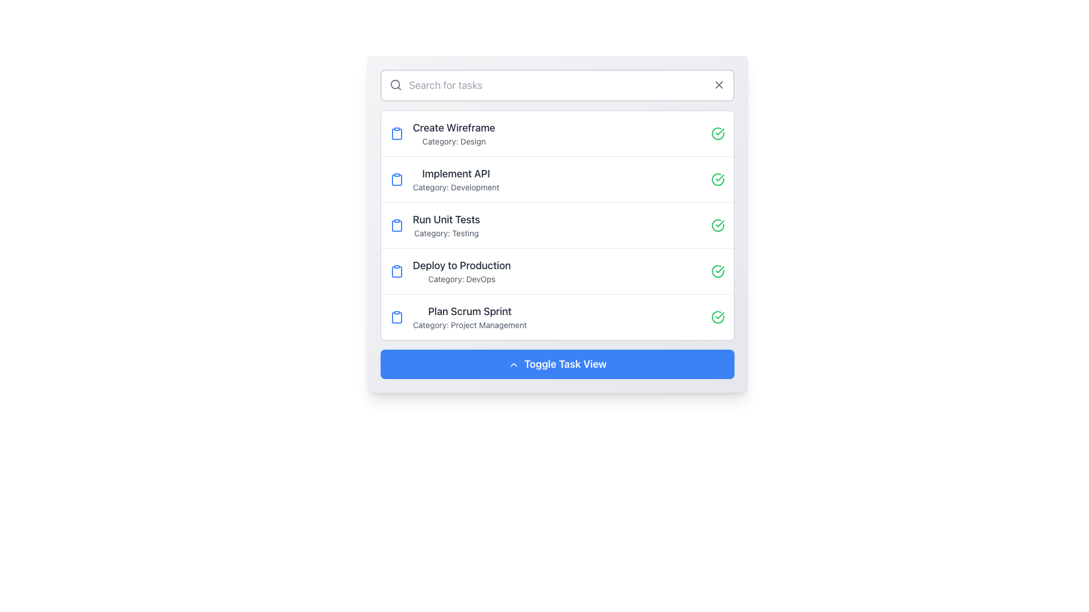 Image resolution: width=1089 pixels, height=612 pixels. Describe the element at coordinates (397, 317) in the screenshot. I see `the 'Plan Scrum Sprint' icon, which visually represents the task and is located toward the bottom of the list of similar task icons` at that location.